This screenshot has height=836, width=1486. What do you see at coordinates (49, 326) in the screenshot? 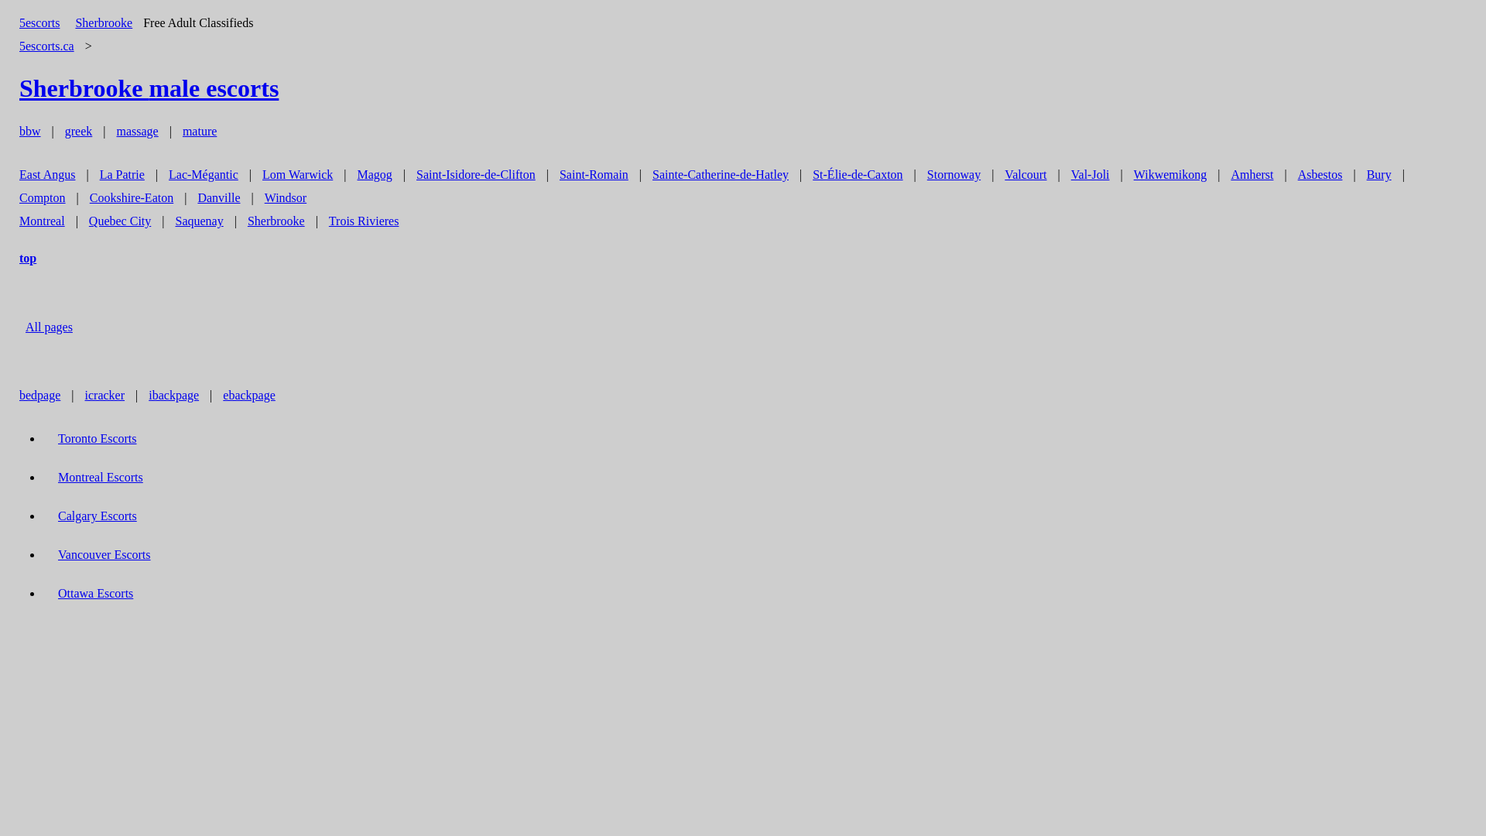
I see `'All pages'` at bounding box center [49, 326].